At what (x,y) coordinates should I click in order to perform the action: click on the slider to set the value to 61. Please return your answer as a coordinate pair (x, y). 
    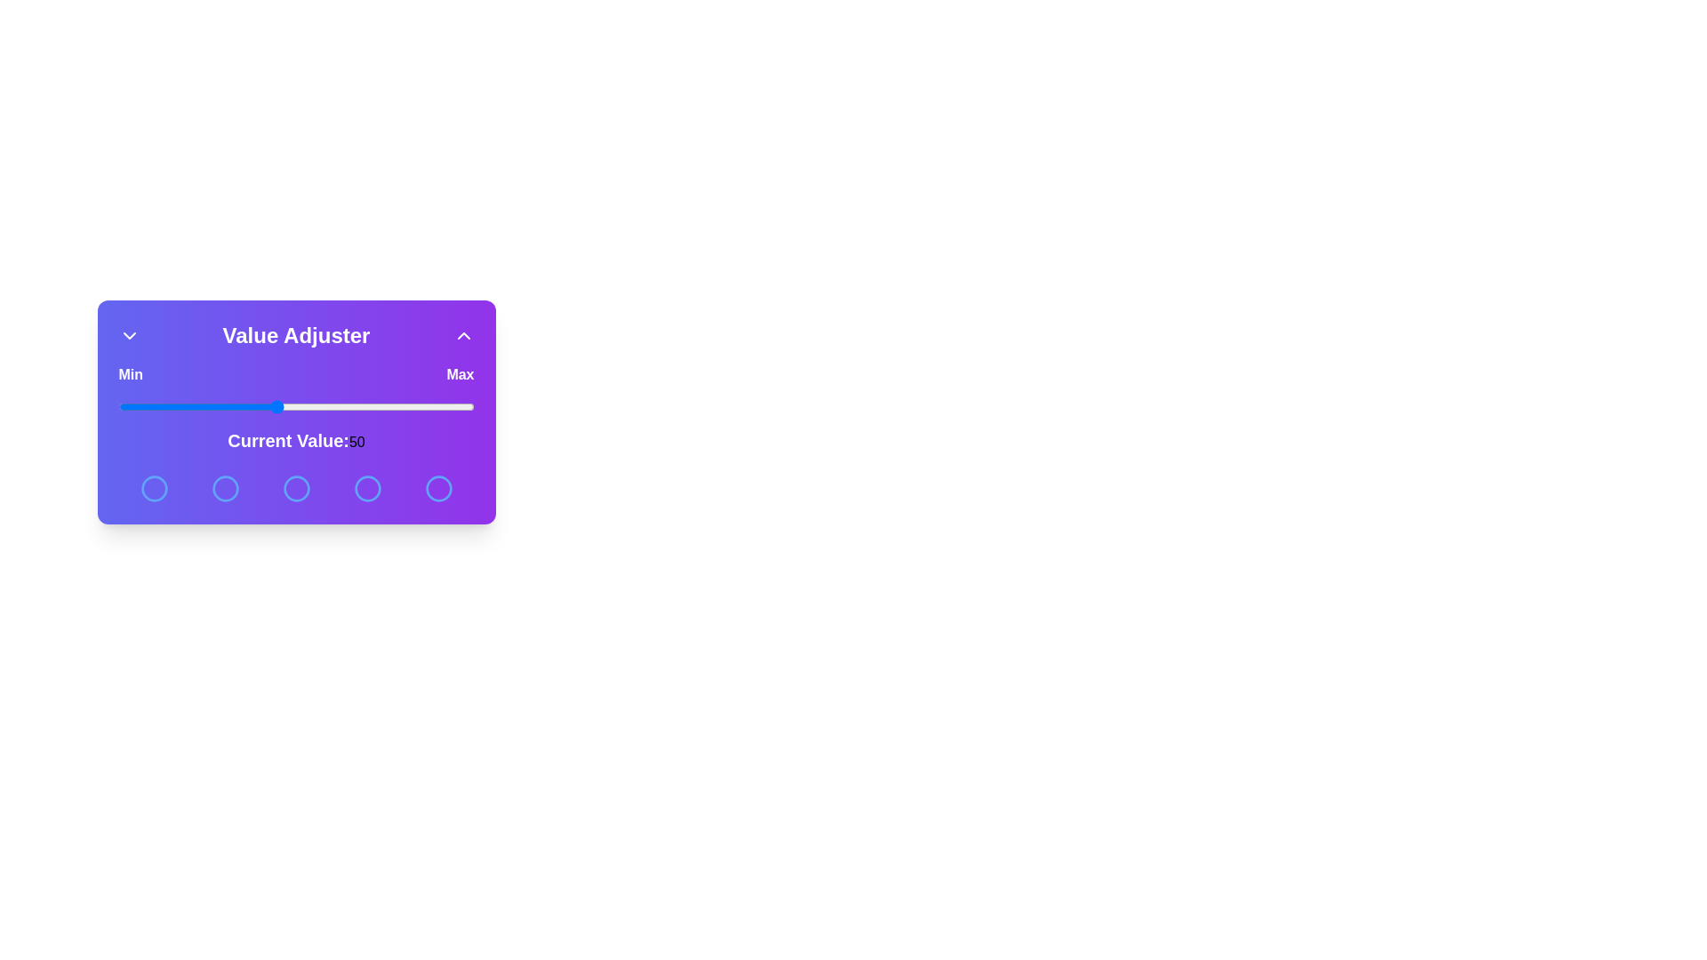
    Looking at the image, I should click on (320, 407).